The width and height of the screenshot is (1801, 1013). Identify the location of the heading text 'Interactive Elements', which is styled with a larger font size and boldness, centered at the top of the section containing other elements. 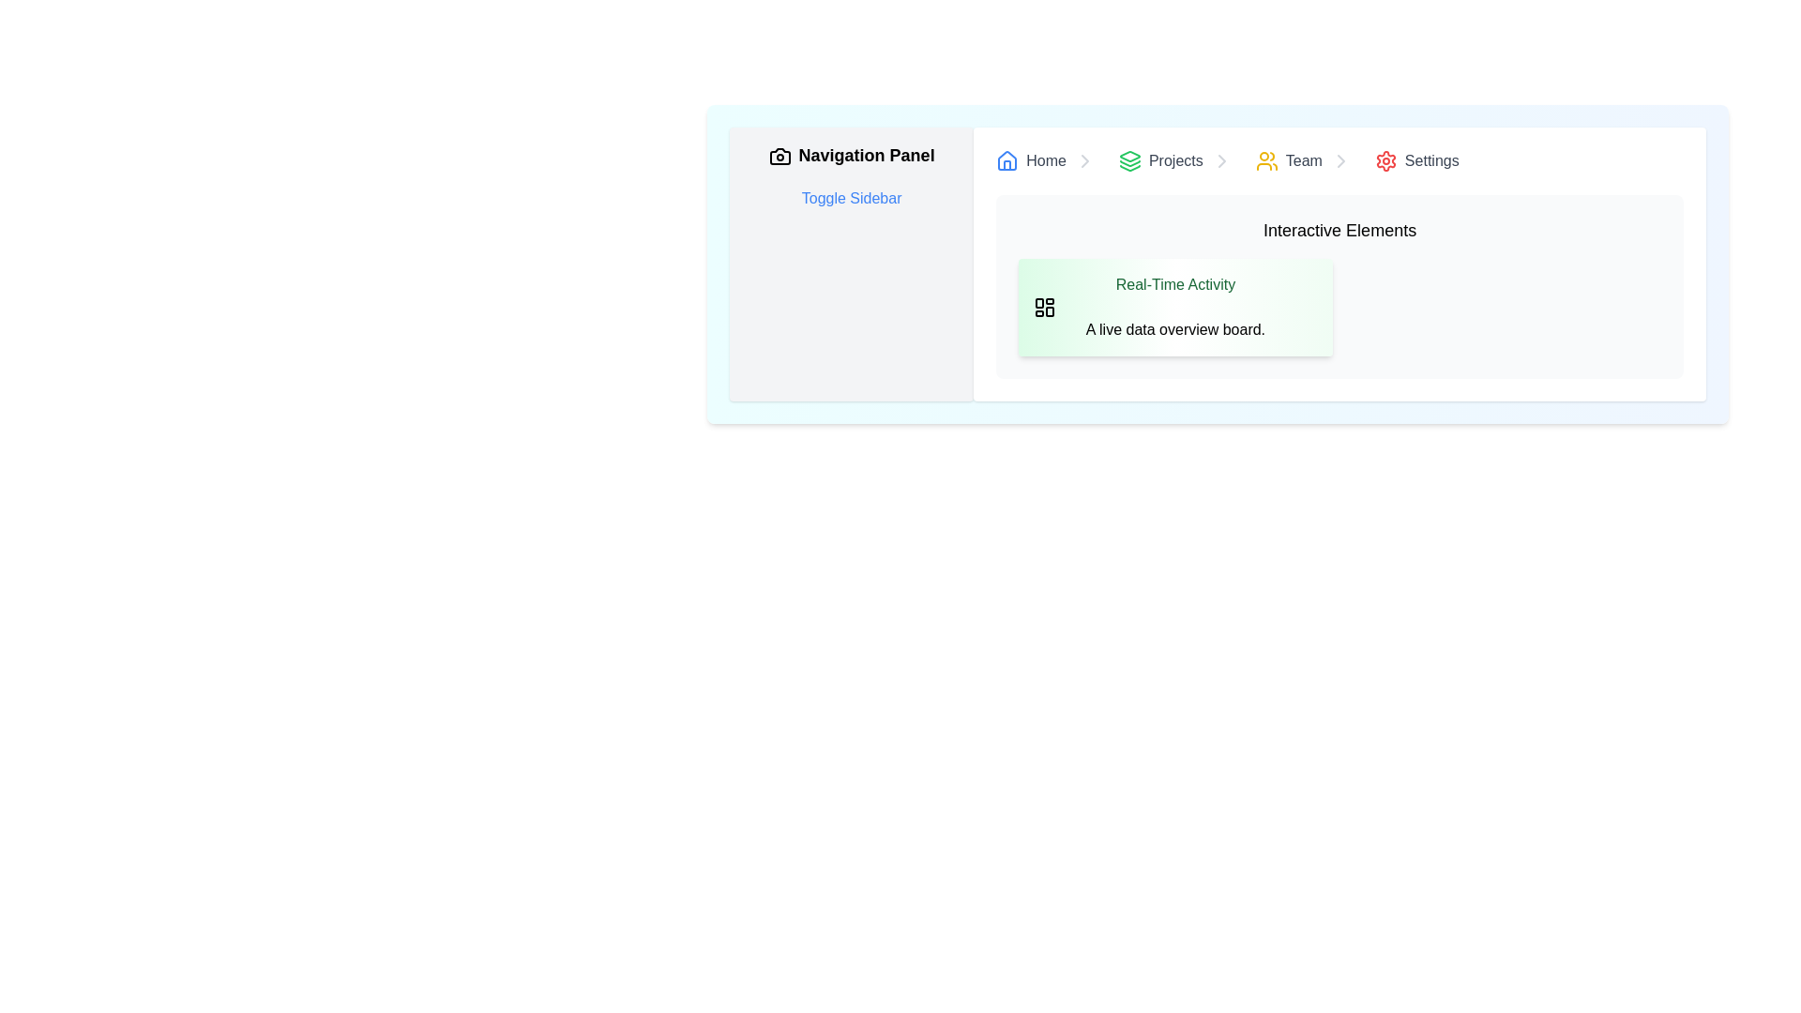
(1339, 230).